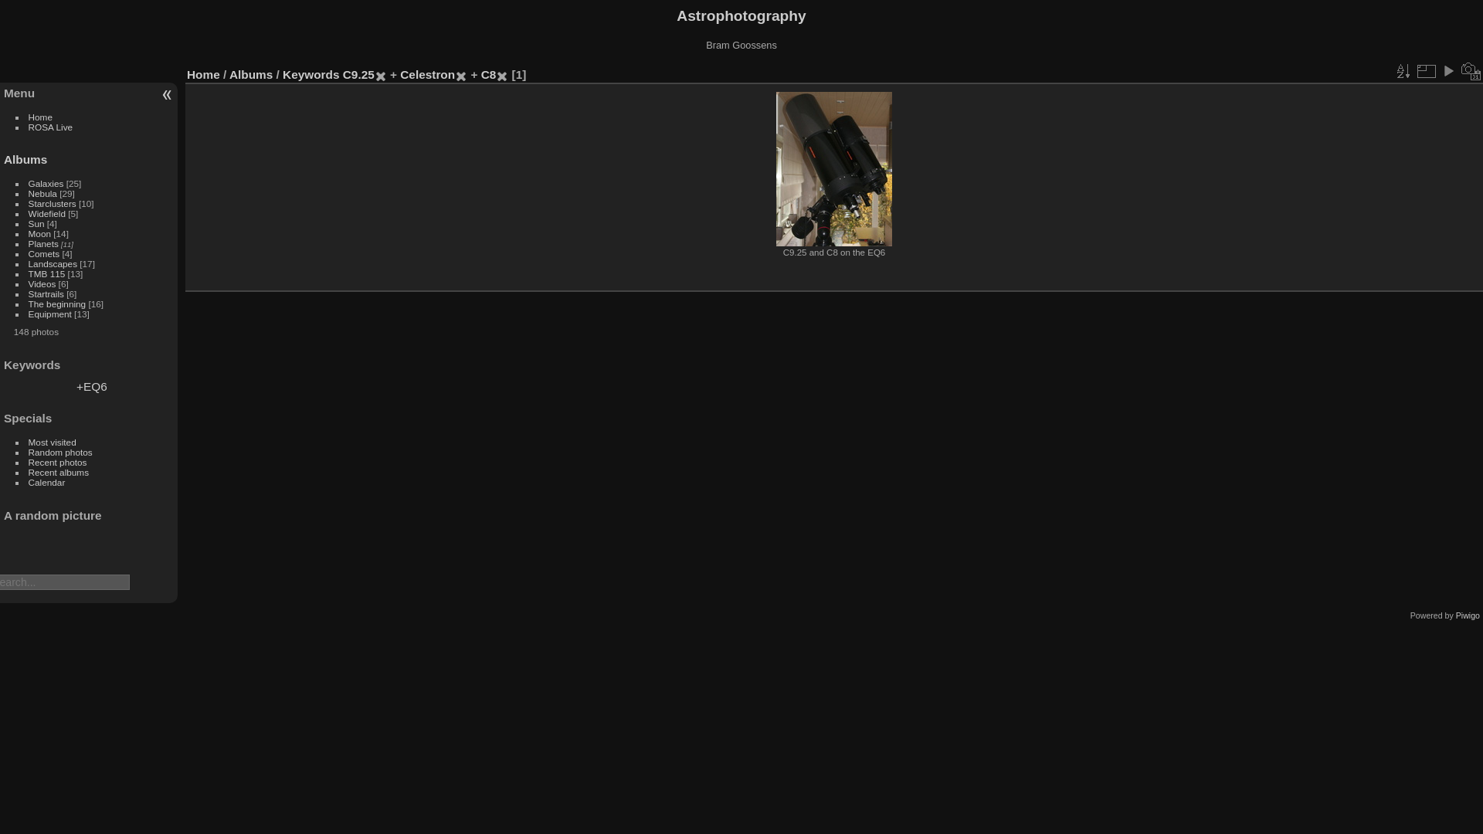 Image resolution: width=1483 pixels, height=834 pixels. I want to click on 'remove this keyword from the list', so click(460, 74).